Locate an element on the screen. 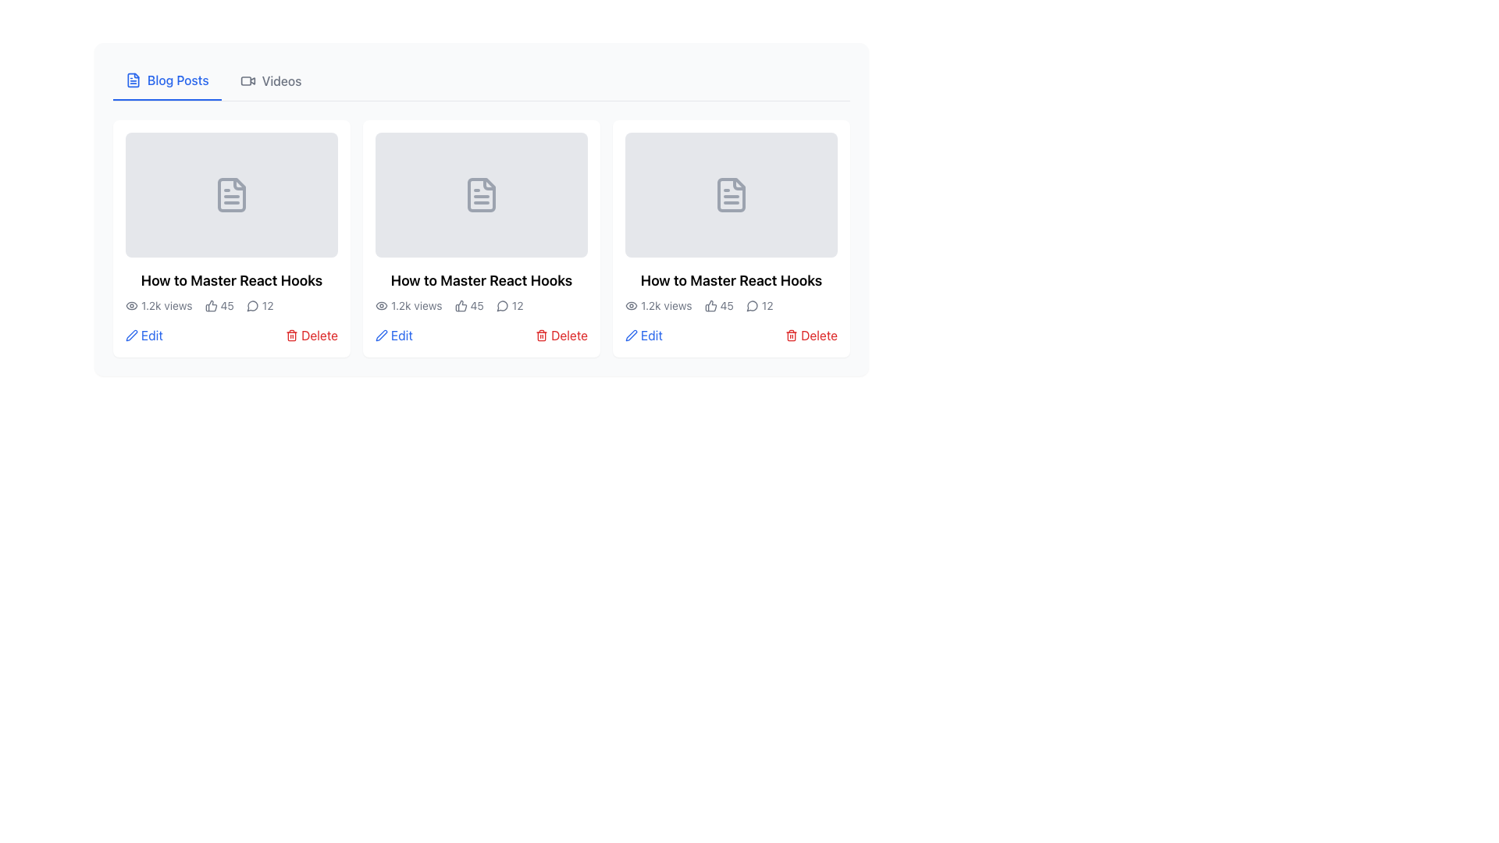 This screenshot has height=843, width=1499. the styled file icon resembling a sheet of paper, located in the first card under the 'Blog Posts' section, positioned above the 'How to Master React Hooks' heading is located at coordinates (231, 194).